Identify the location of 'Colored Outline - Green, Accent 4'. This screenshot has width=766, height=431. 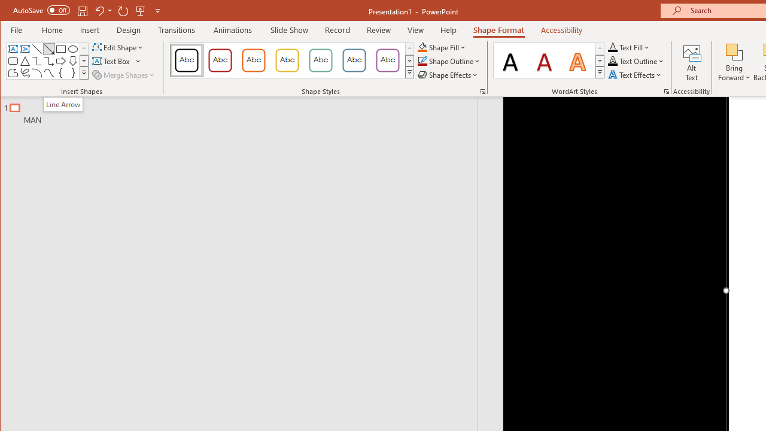
(321, 60).